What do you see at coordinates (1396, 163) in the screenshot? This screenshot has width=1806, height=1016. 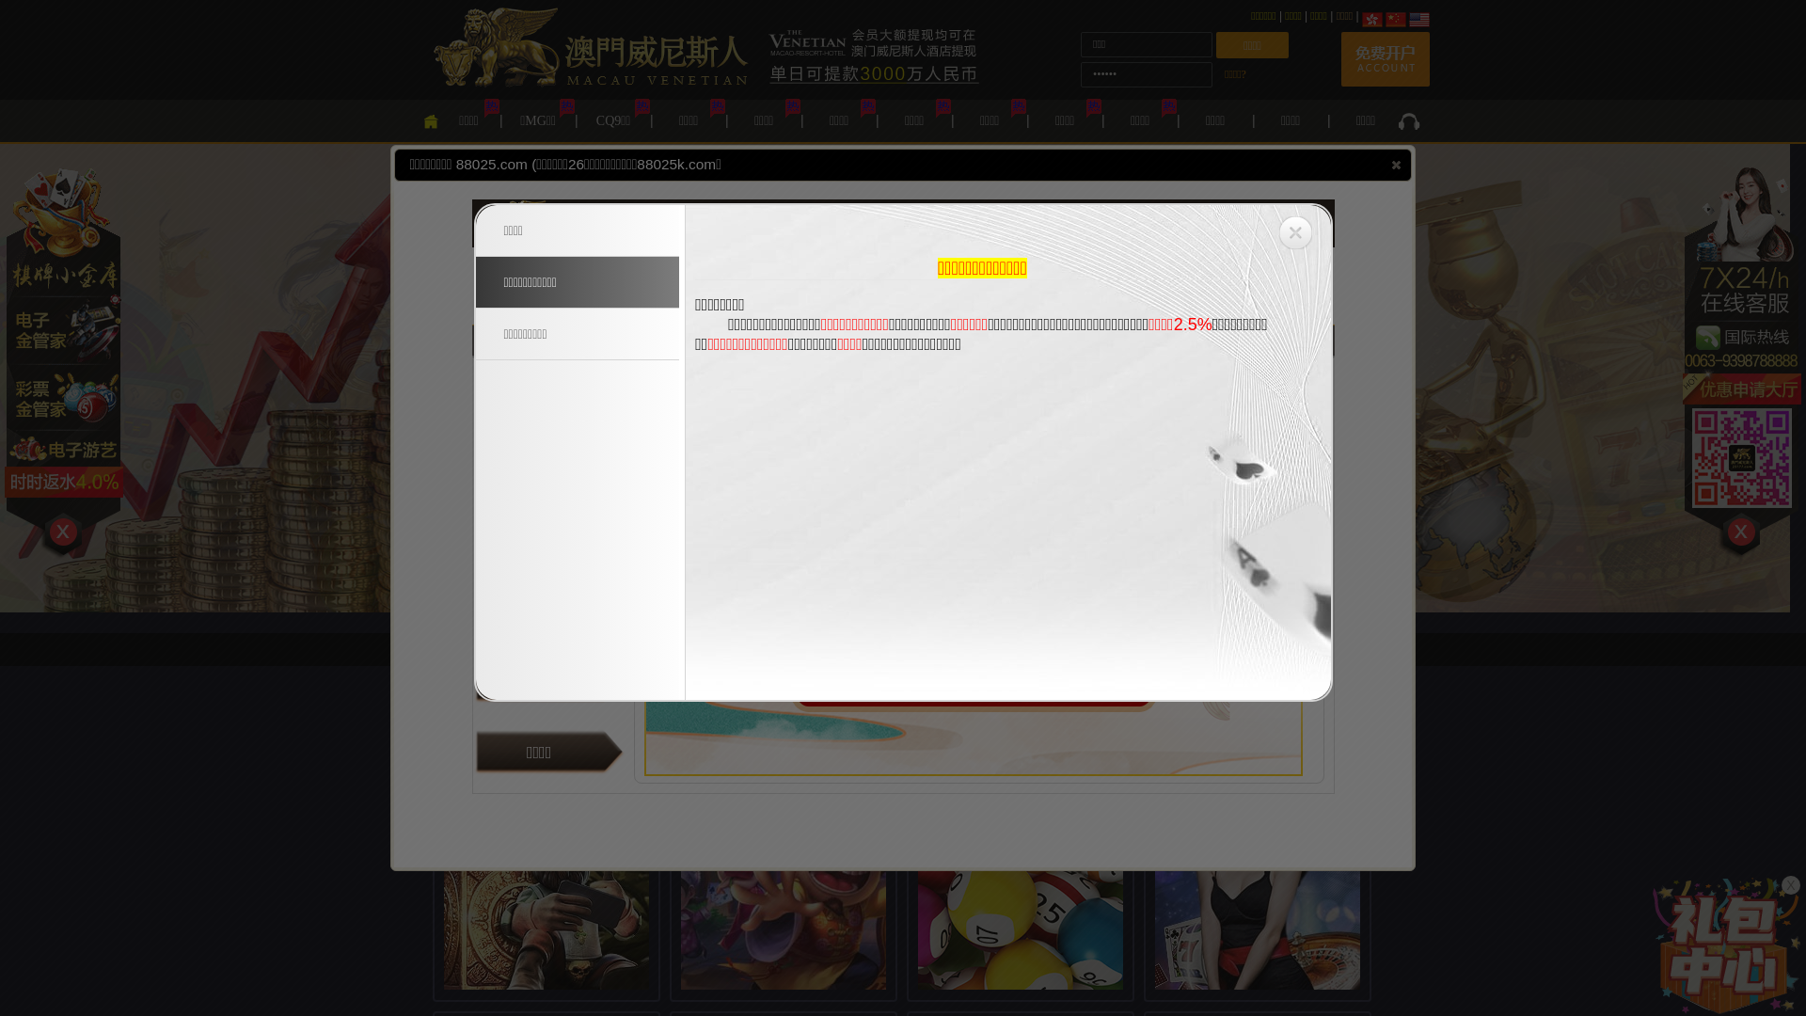 I see `'close'` at bounding box center [1396, 163].